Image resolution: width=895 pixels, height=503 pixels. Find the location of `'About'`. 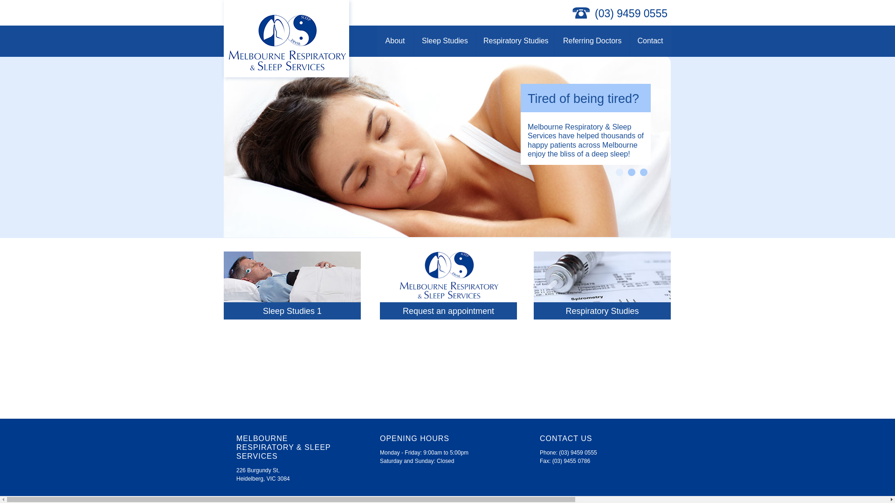

'About' is located at coordinates (377, 40).